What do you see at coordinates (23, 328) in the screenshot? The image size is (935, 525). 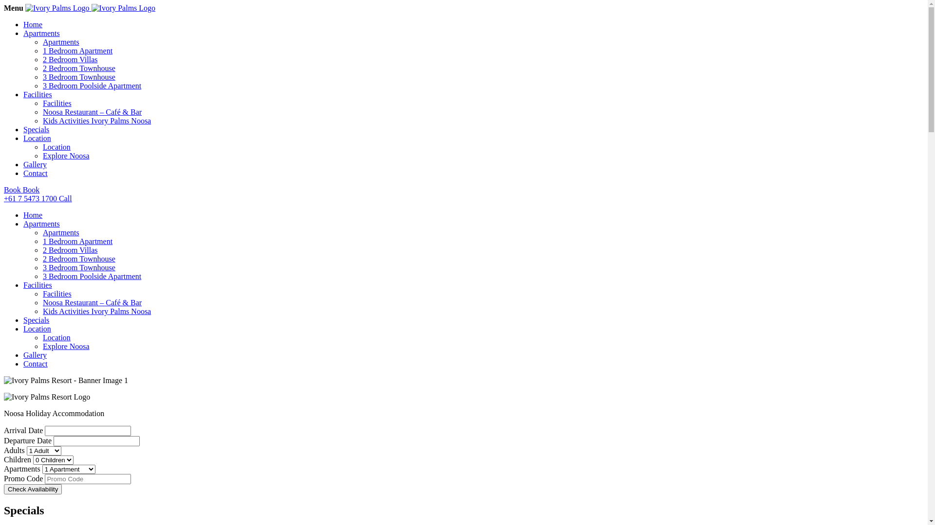 I see `'Location'` at bounding box center [23, 328].